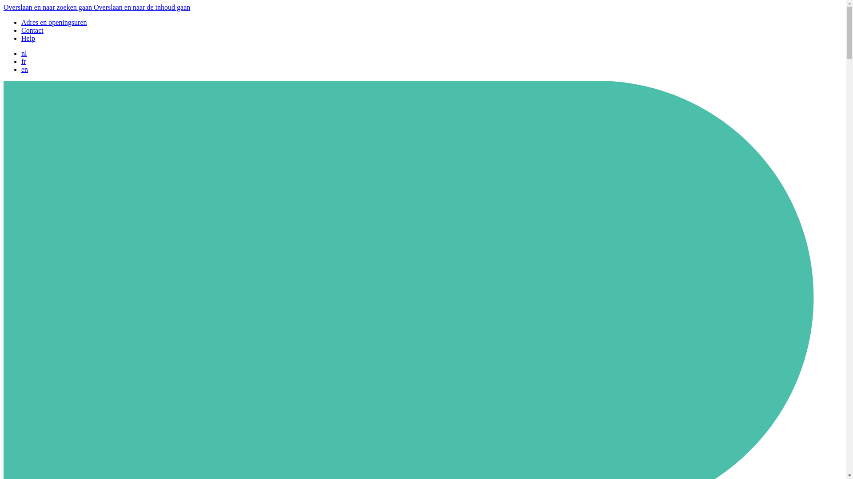 The width and height of the screenshot is (853, 479). What do you see at coordinates (53, 22) in the screenshot?
I see `'Adres en openingsuren'` at bounding box center [53, 22].